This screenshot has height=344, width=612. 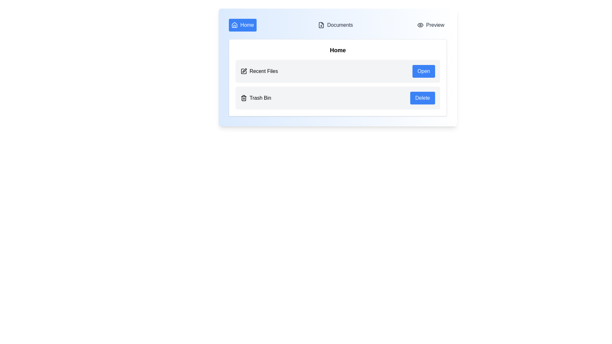 I want to click on the Home icon located in the navigation bar at the top-left corner of the interface, so click(x=234, y=24).